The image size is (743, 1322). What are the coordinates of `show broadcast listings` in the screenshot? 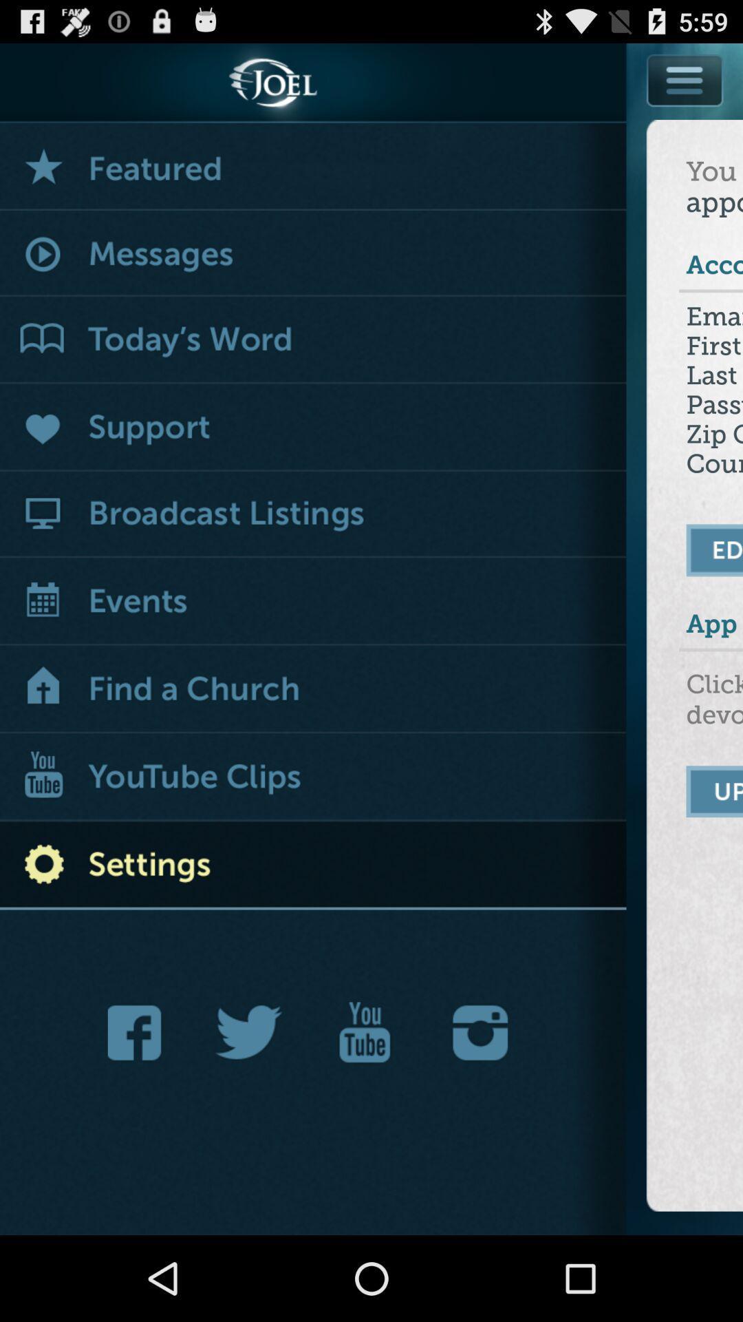 It's located at (313, 514).